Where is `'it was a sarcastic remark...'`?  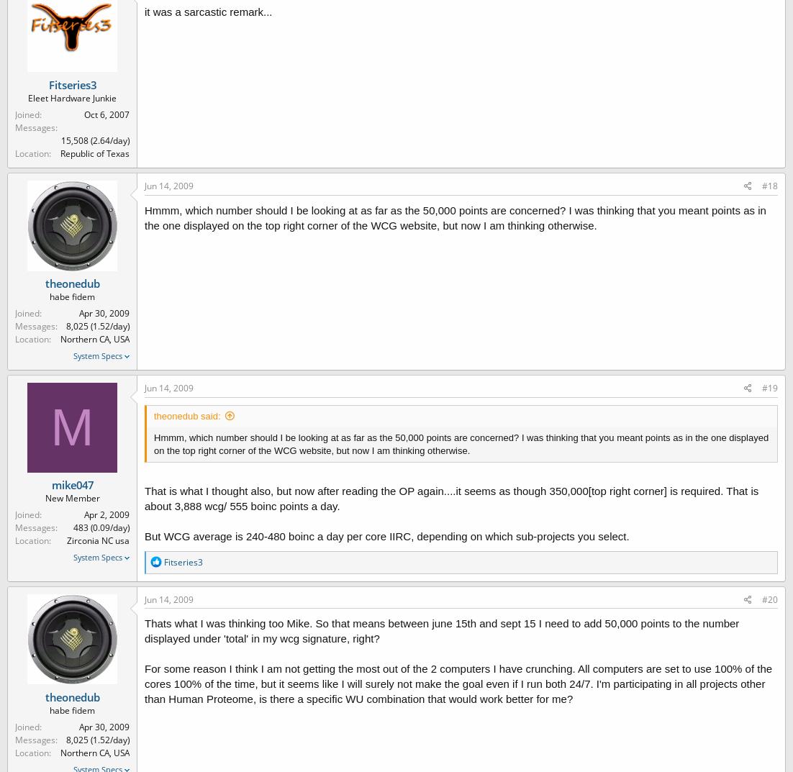
'it was a sarcastic remark...' is located at coordinates (145, 11).